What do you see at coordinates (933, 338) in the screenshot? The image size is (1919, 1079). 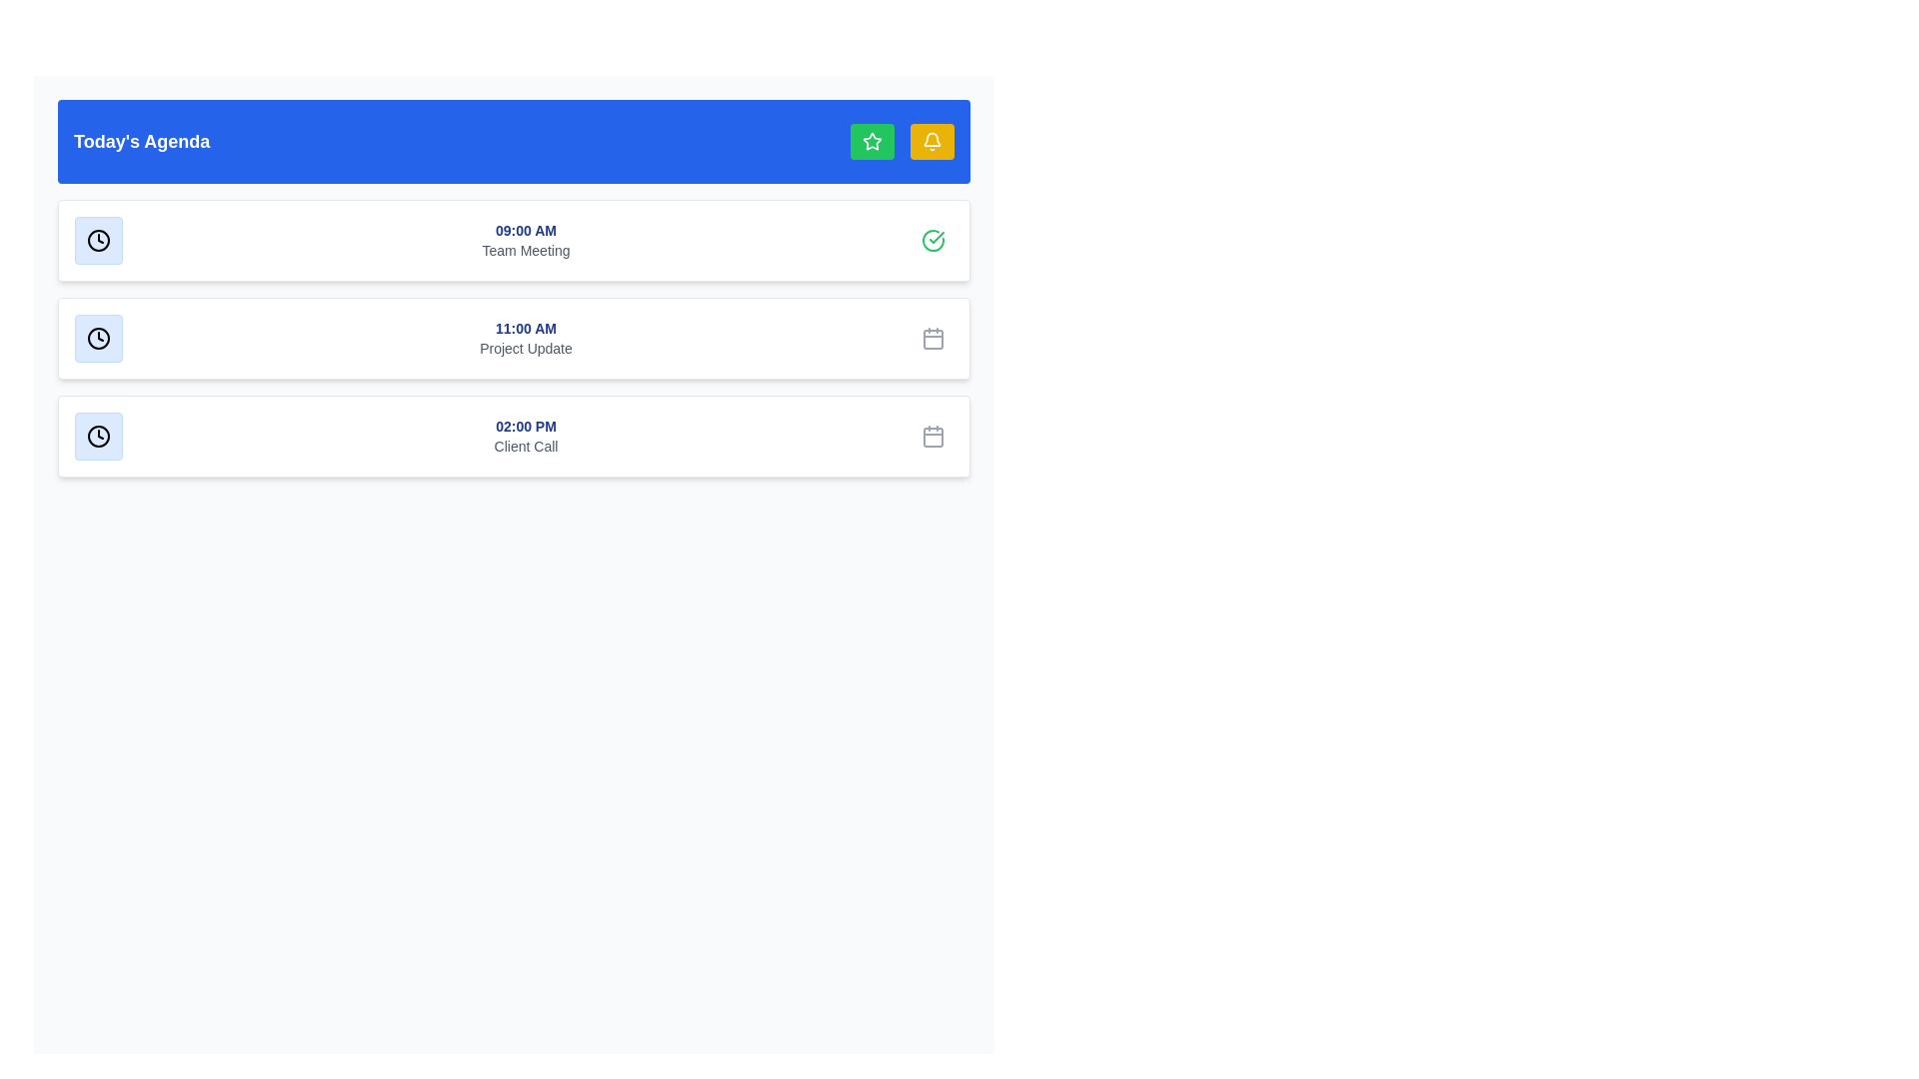 I see `the calendar icon SVG located in the third section of the agenda list, positioned to the right side of the text area displaying the time and title for the third agenda item` at bounding box center [933, 338].